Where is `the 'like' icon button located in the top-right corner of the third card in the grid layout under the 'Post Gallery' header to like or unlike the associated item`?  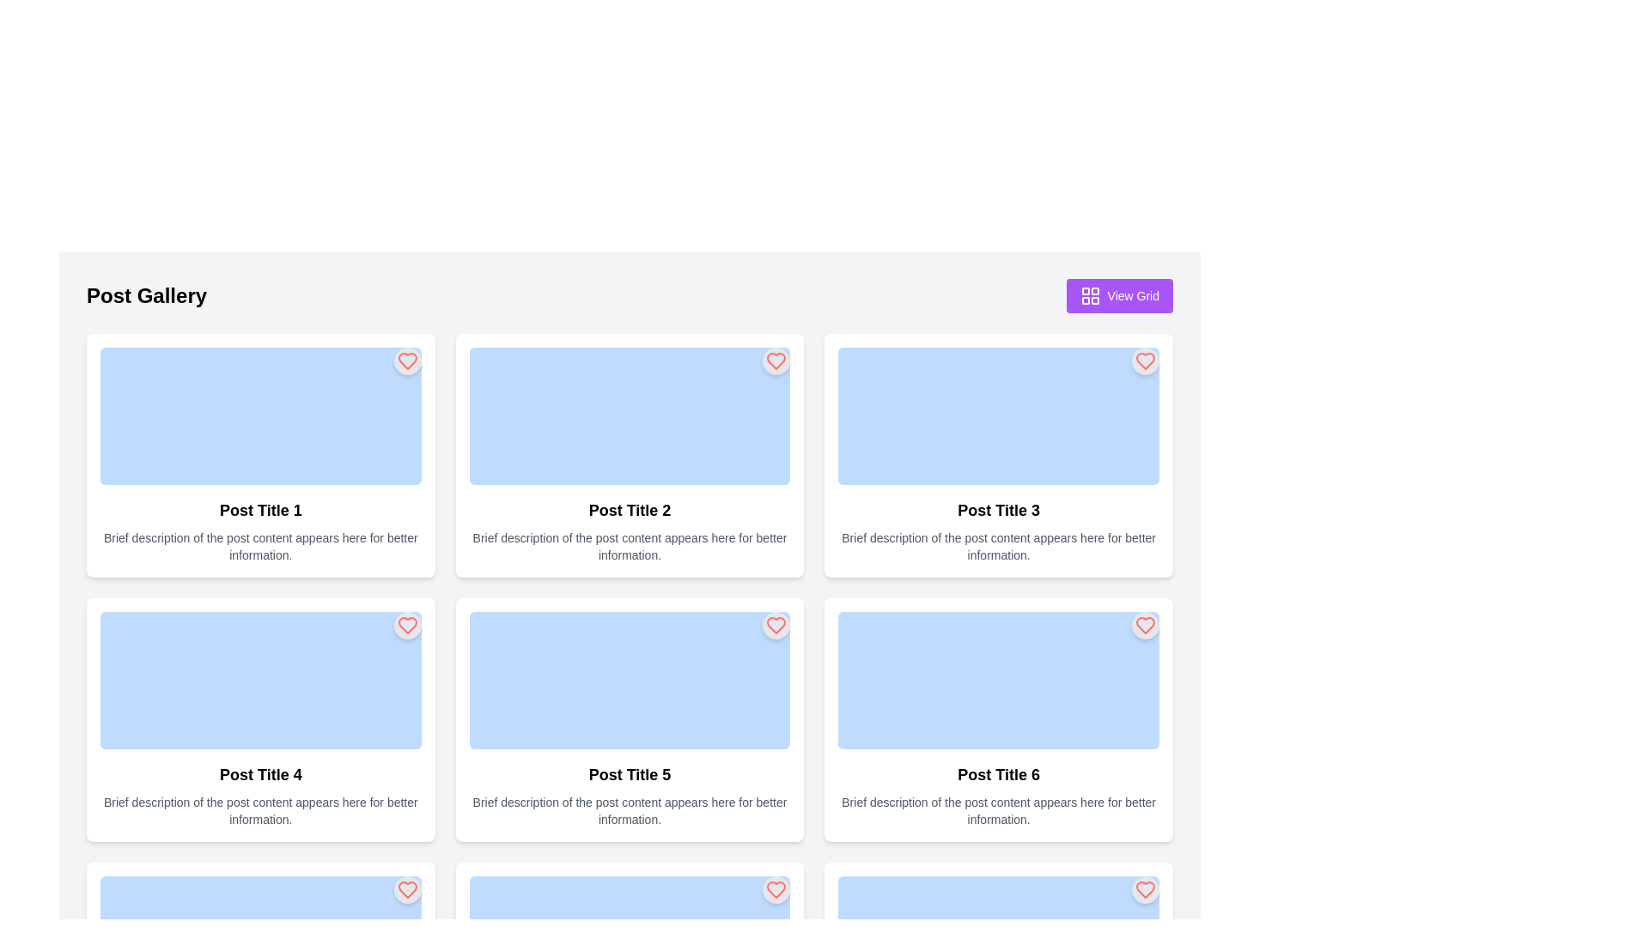
the 'like' icon button located in the top-right corner of the third card in the grid layout under the 'Post Gallery' header to like or unlike the associated item is located at coordinates (1146, 360).